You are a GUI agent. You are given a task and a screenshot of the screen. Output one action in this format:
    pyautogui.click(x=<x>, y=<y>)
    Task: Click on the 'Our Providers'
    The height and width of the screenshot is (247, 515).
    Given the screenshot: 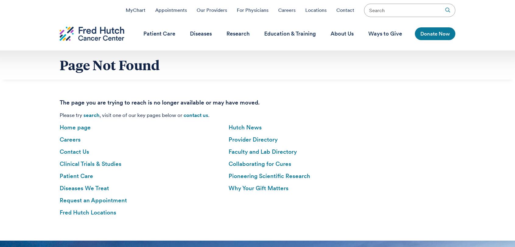 What is the action you would take?
    pyautogui.click(x=212, y=10)
    